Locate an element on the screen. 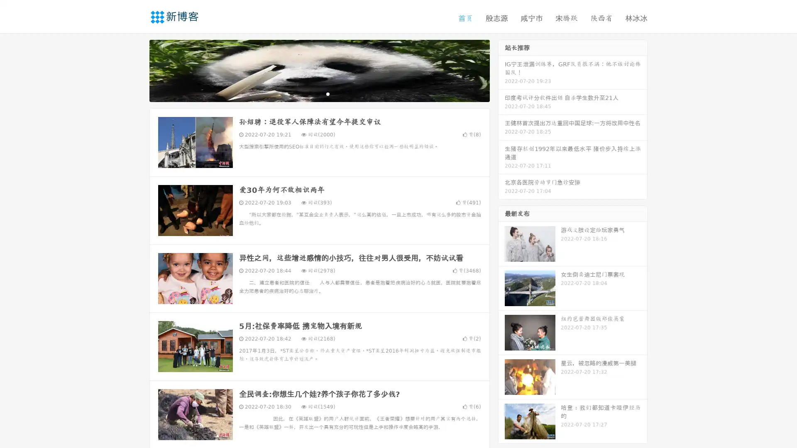 The image size is (797, 448). Go to slide 3 is located at coordinates (328, 93).